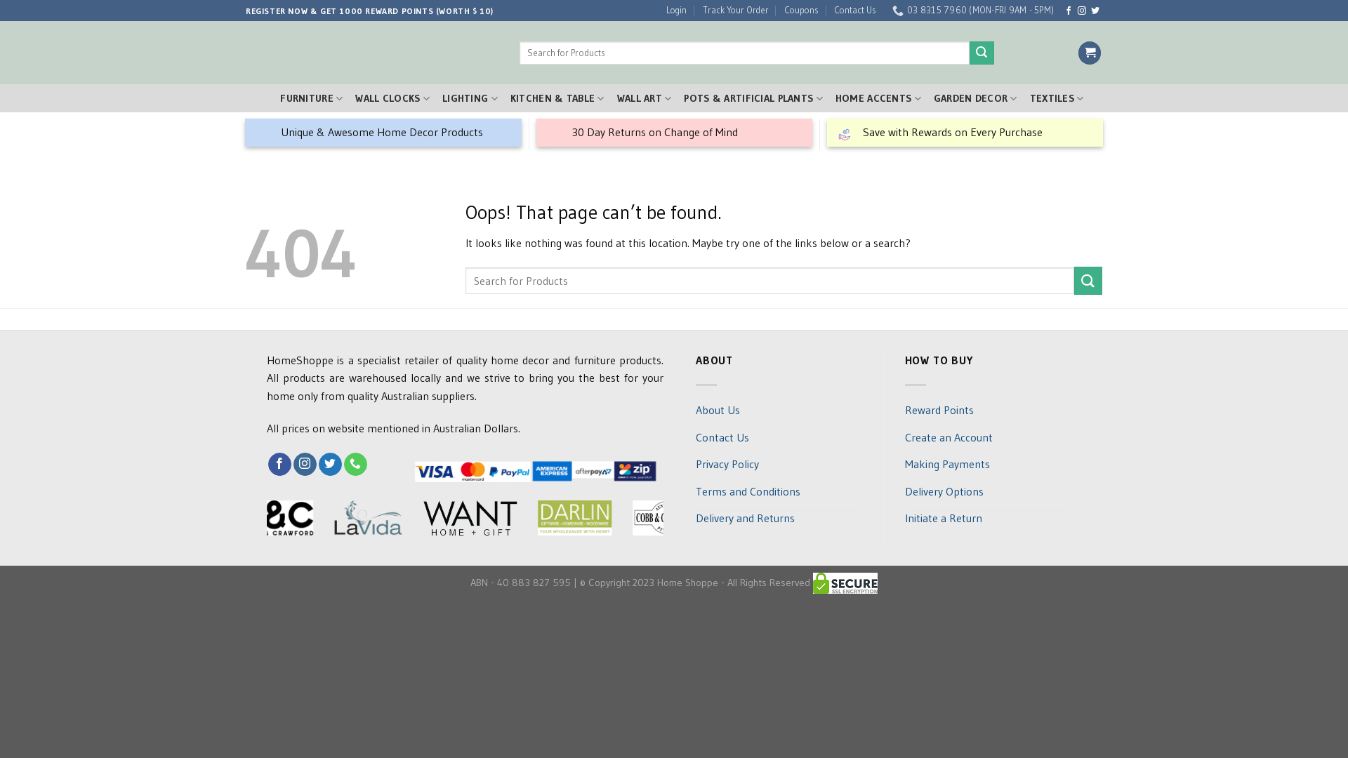 The image size is (1348, 758). Describe the element at coordinates (305, 98) in the screenshot. I see `'FURNITURE'` at that location.